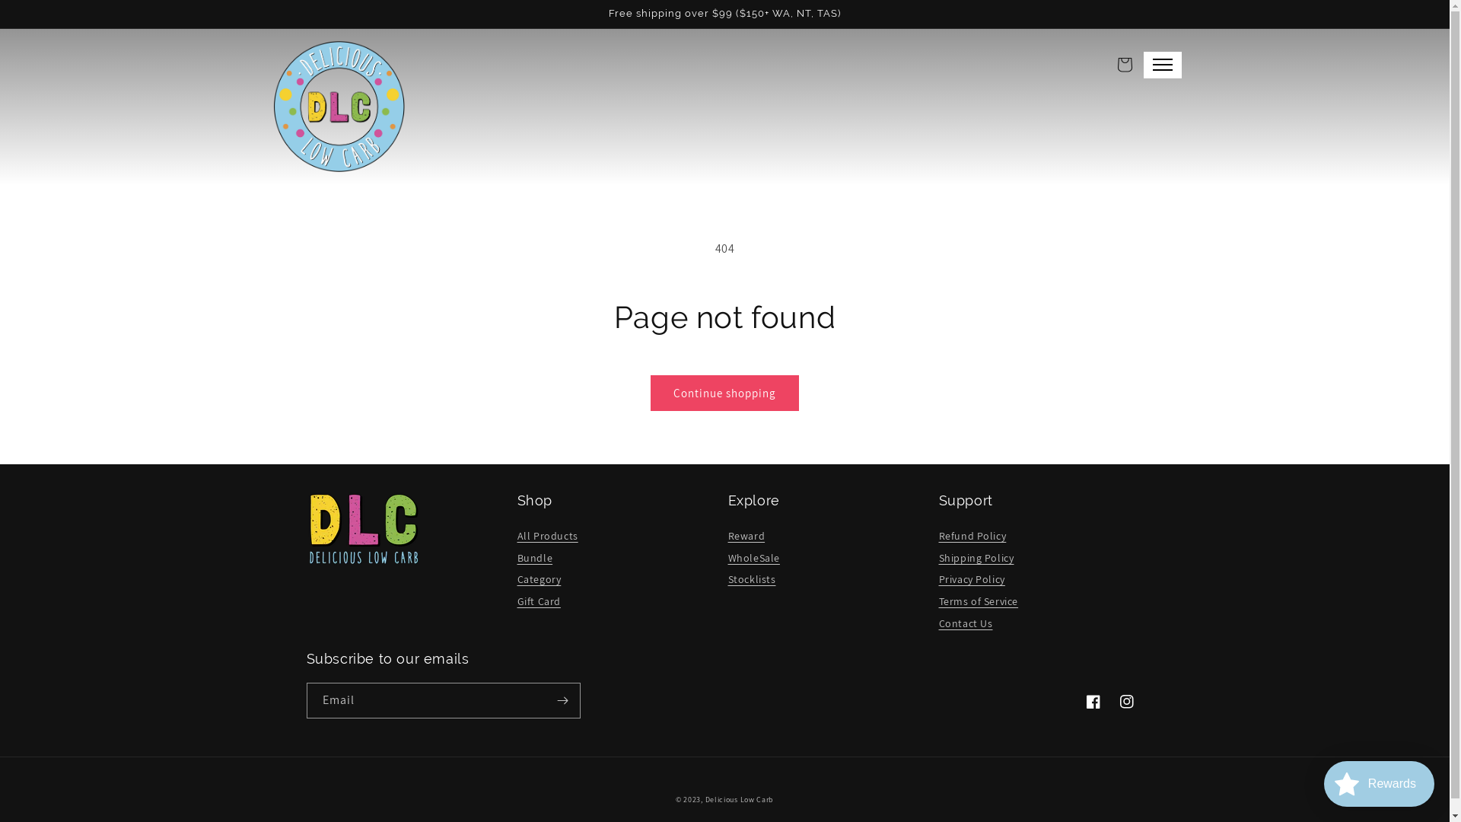  What do you see at coordinates (1091, 701) in the screenshot?
I see `'Facebook'` at bounding box center [1091, 701].